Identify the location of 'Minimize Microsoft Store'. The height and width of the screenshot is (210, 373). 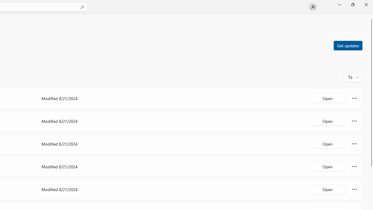
(339, 4).